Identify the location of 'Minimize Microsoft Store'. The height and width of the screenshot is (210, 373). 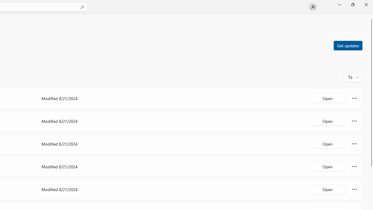
(339, 4).